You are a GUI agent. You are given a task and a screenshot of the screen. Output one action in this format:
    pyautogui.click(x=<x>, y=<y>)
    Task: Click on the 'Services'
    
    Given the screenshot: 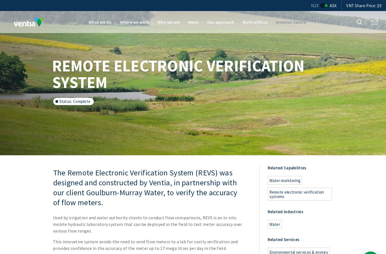 What is the action you would take?
    pyautogui.click(x=291, y=239)
    